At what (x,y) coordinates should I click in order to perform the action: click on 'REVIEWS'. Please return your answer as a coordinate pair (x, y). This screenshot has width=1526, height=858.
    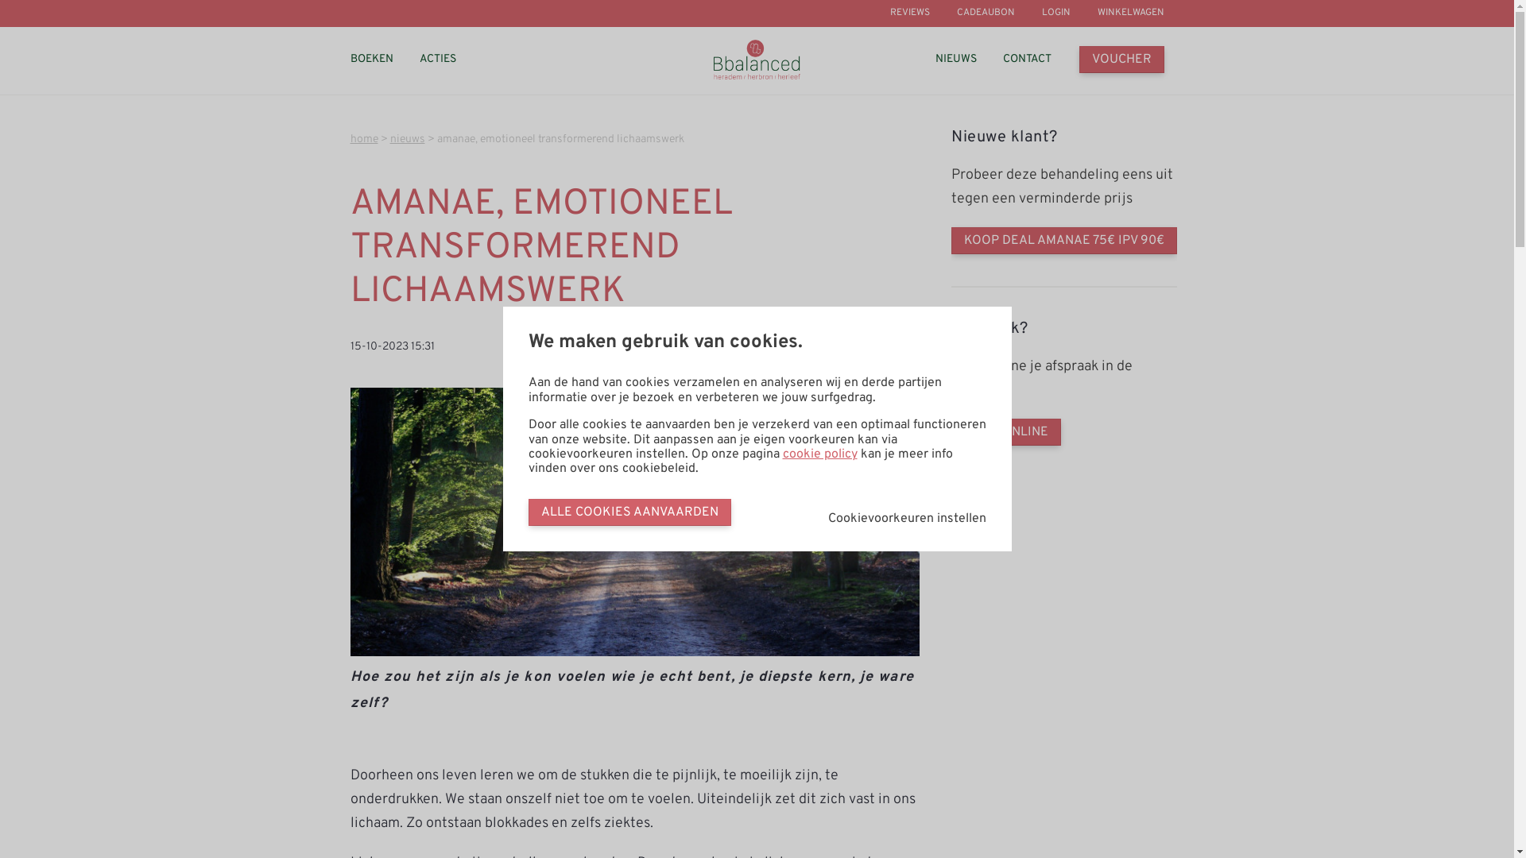
    Looking at the image, I should click on (910, 13).